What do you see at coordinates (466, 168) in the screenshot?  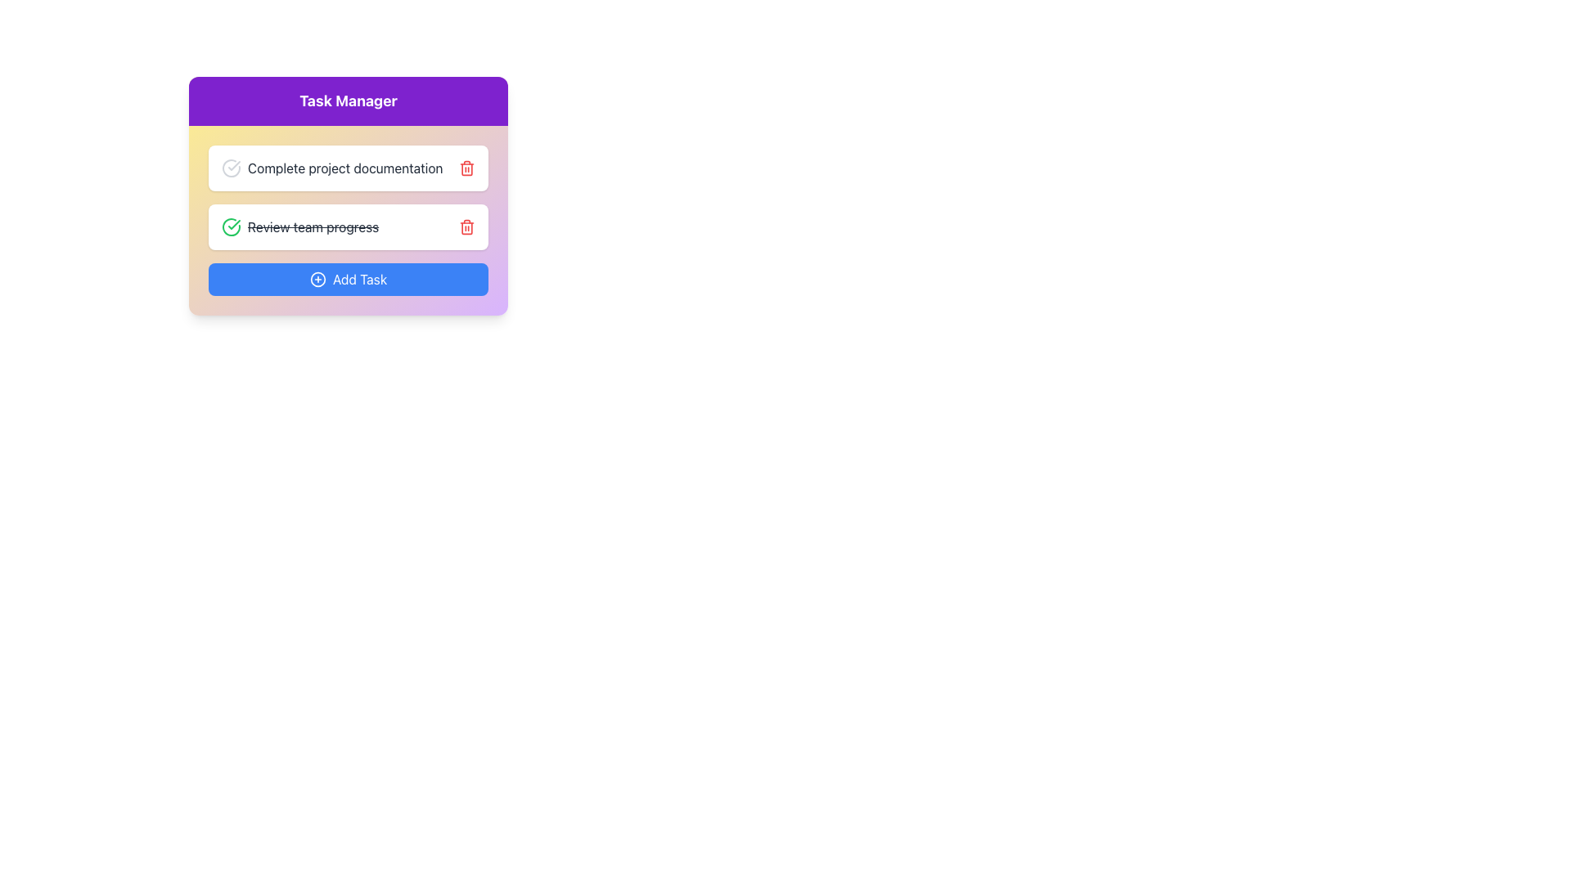 I see `the trash/deletion action icon located at the far right of the 'Complete project documentation' task row` at bounding box center [466, 168].